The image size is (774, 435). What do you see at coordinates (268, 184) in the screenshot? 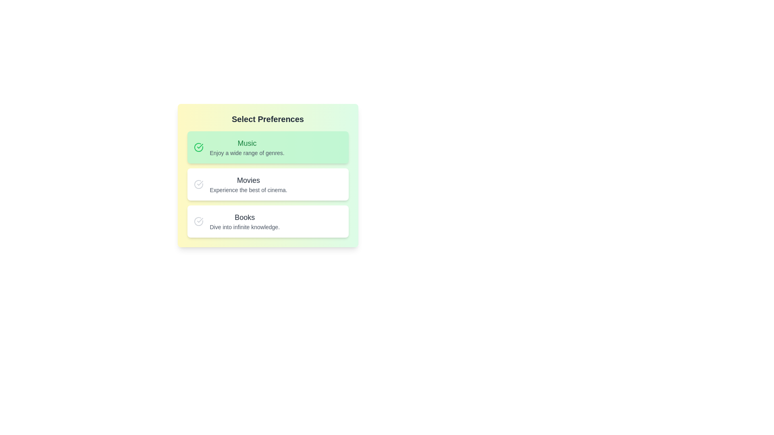
I see `the preference Movies` at bounding box center [268, 184].